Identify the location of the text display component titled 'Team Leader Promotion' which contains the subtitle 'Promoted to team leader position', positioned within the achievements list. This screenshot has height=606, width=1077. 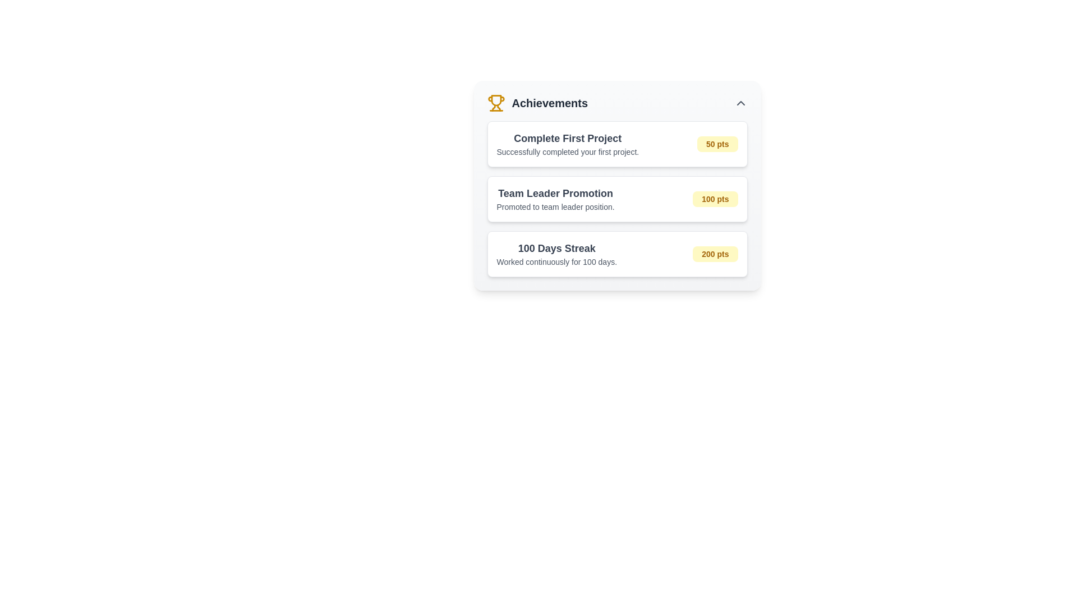
(555, 198).